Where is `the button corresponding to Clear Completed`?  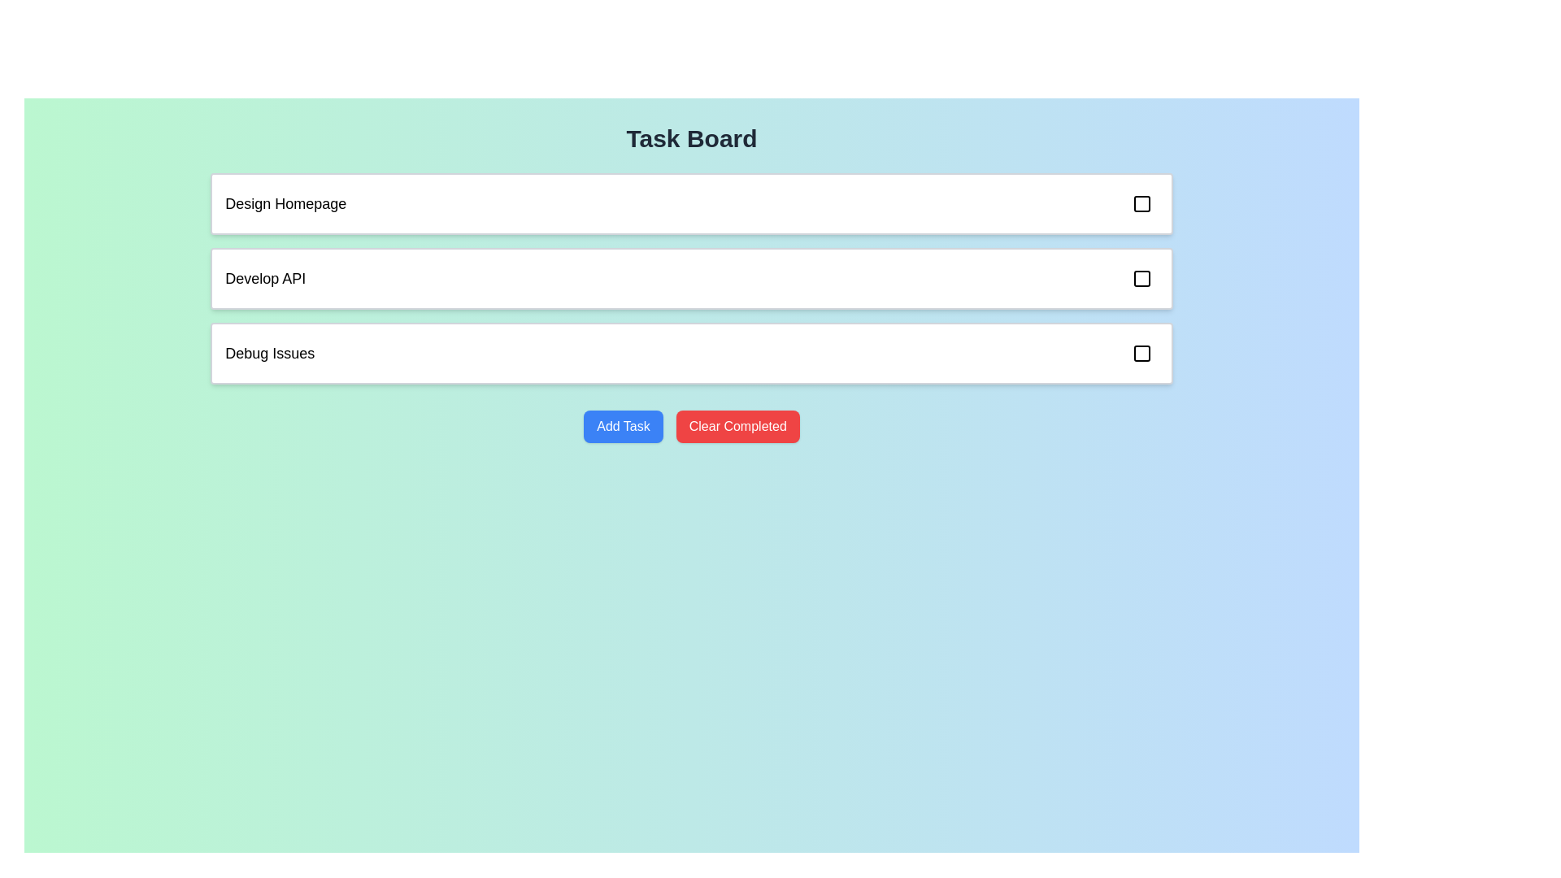
the button corresponding to Clear Completed is located at coordinates (737, 425).